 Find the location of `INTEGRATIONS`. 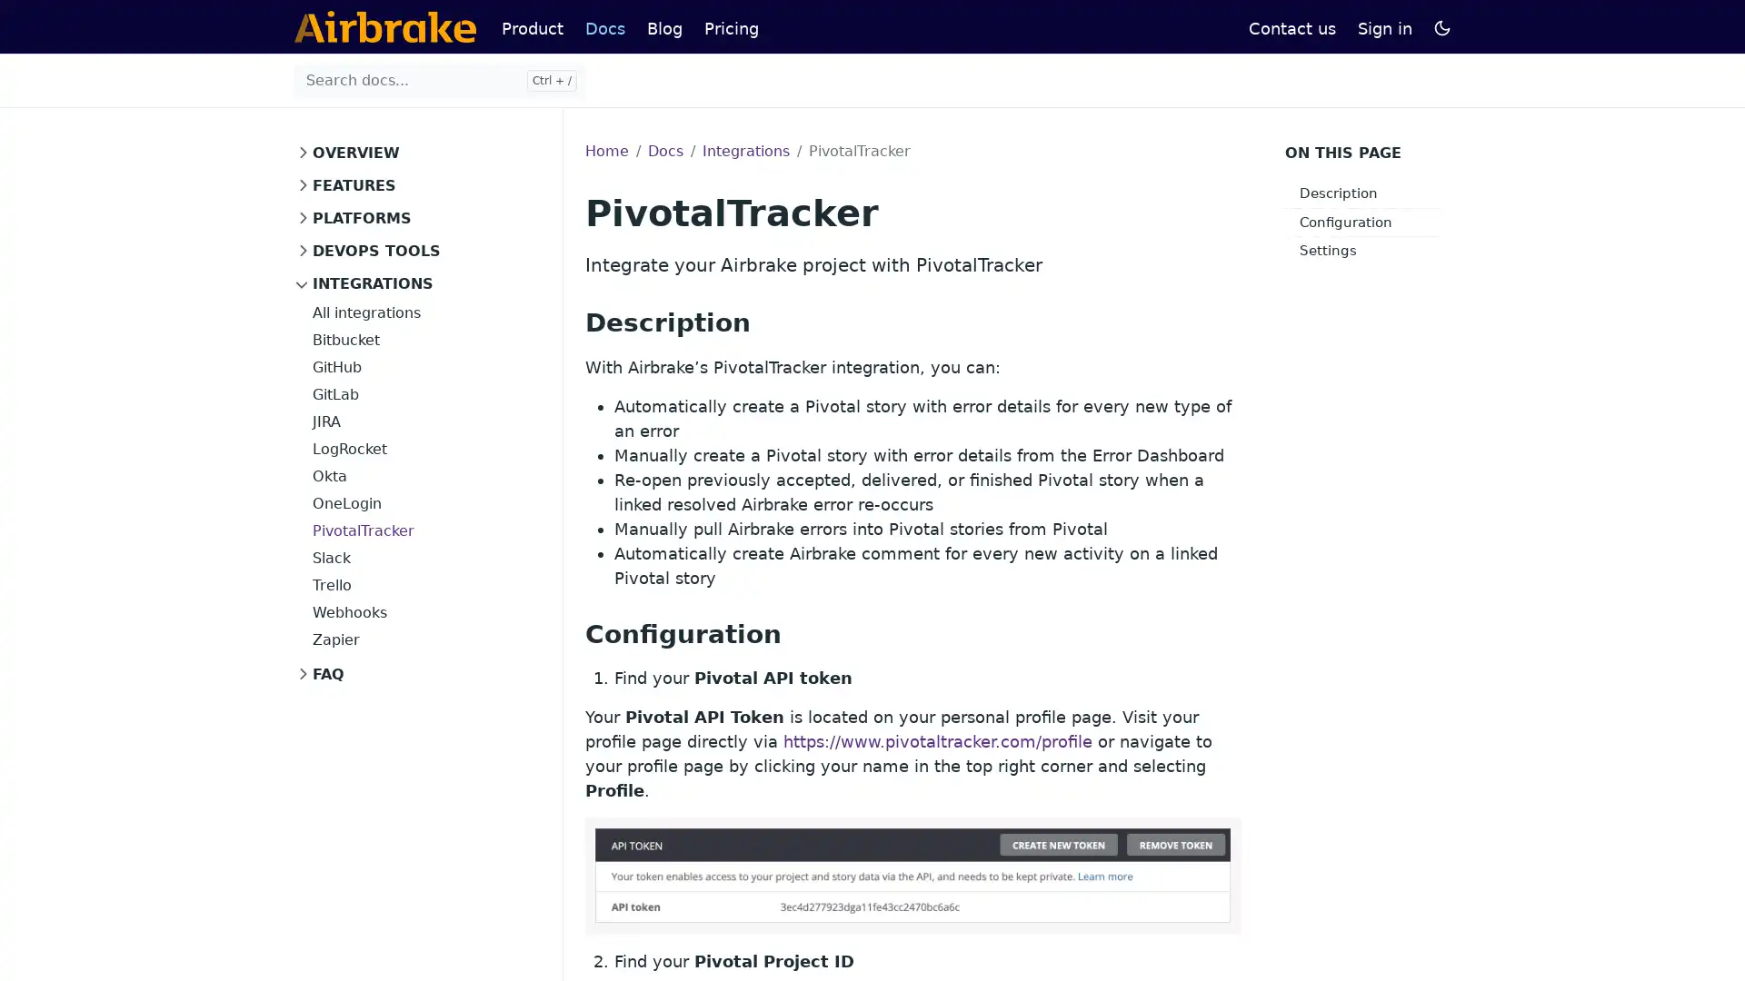

INTEGRATIONS is located at coordinates (366, 283).